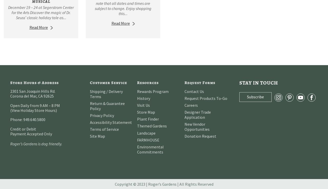 The width and height of the screenshot is (328, 189). What do you see at coordinates (12, 110) in the screenshot?
I see `'View Holiday  Store Hours'` at bounding box center [12, 110].